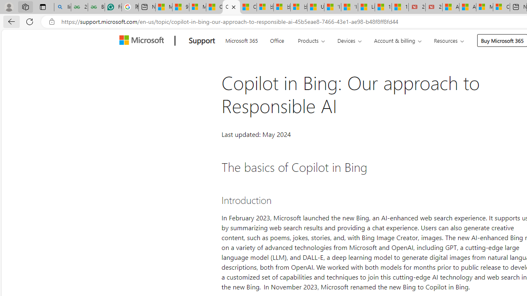 The width and height of the screenshot is (527, 296). What do you see at coordinates (315, 7) in the screenshot?
I see `'USA TODAY - MSN'` at bounding box center [315, 7].